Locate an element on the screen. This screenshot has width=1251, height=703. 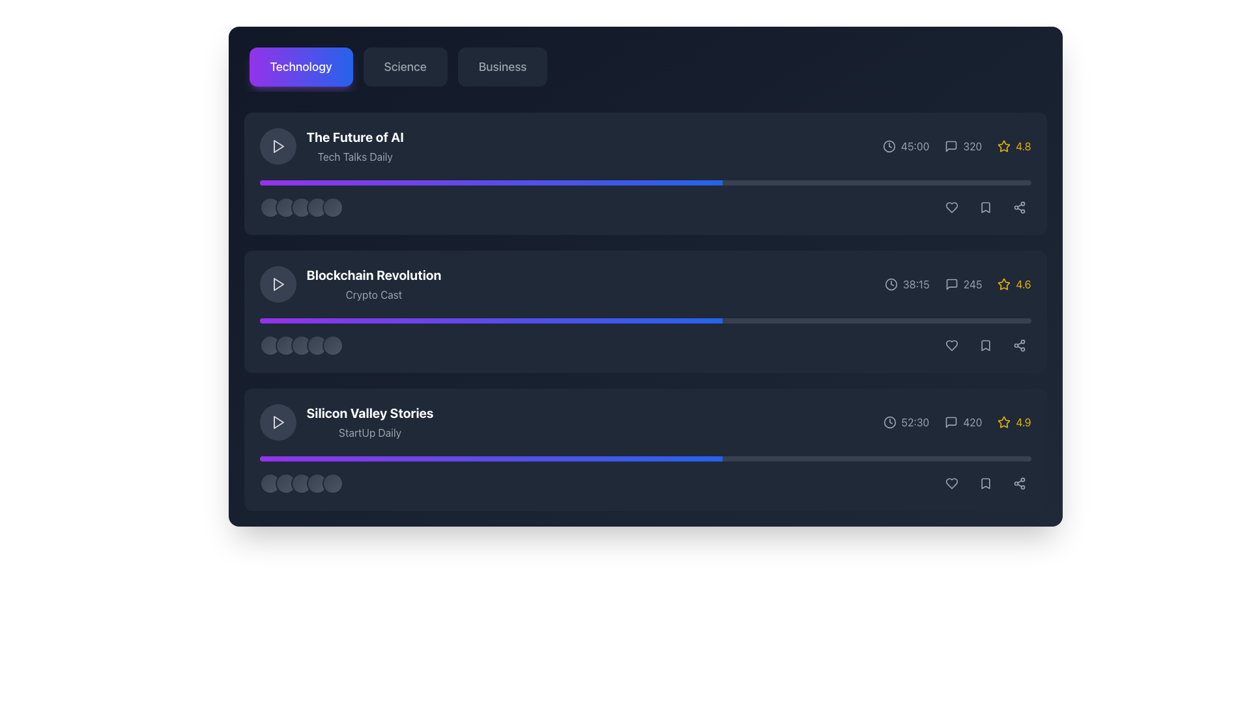
the heart icon button located in the second item of the action icon row is located at coordinates (951, 207).